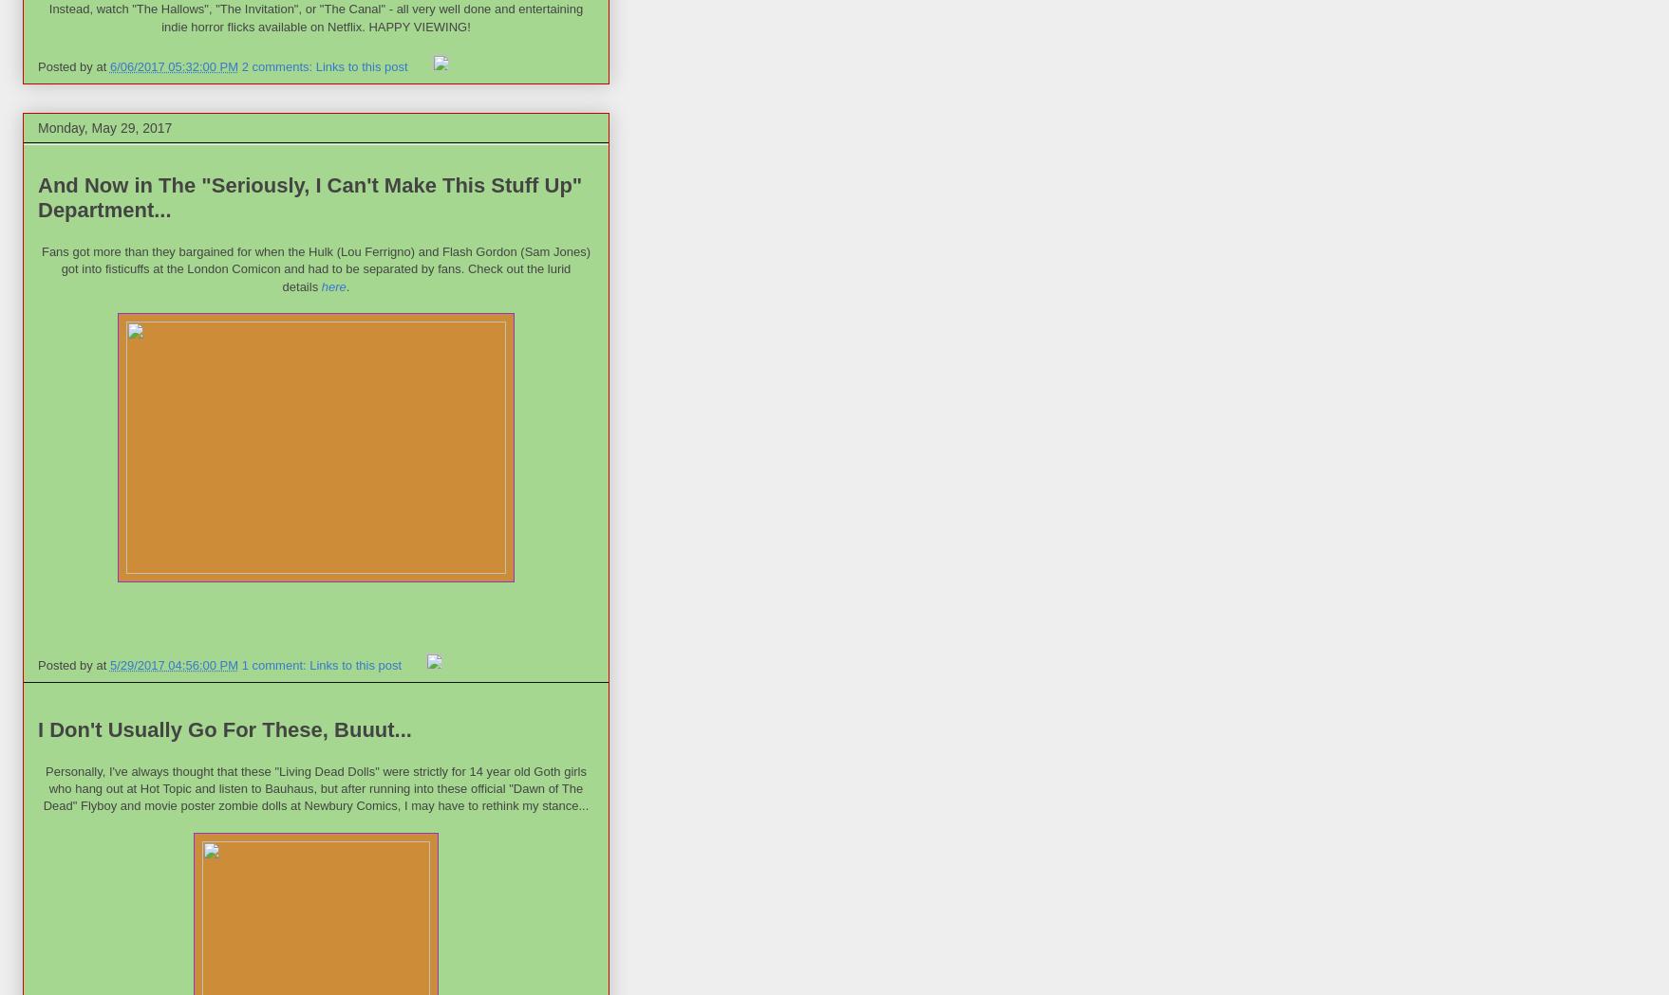 The image size is (1669, 995). Describe the element at coordinates (321, 286) in the screenshot. I see `'here'` at that location.